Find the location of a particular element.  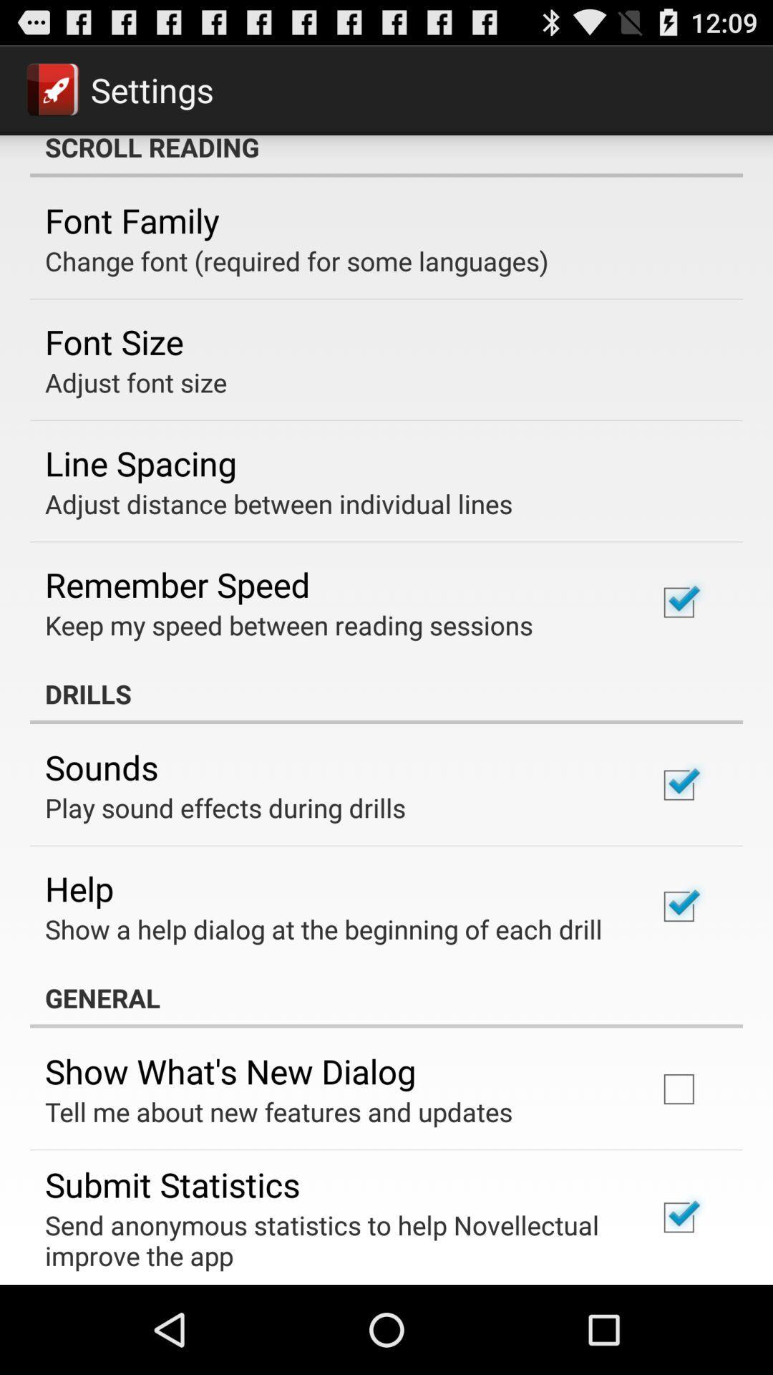

the item above the send anonymous statistics item is located at coordinates (172, 1185).